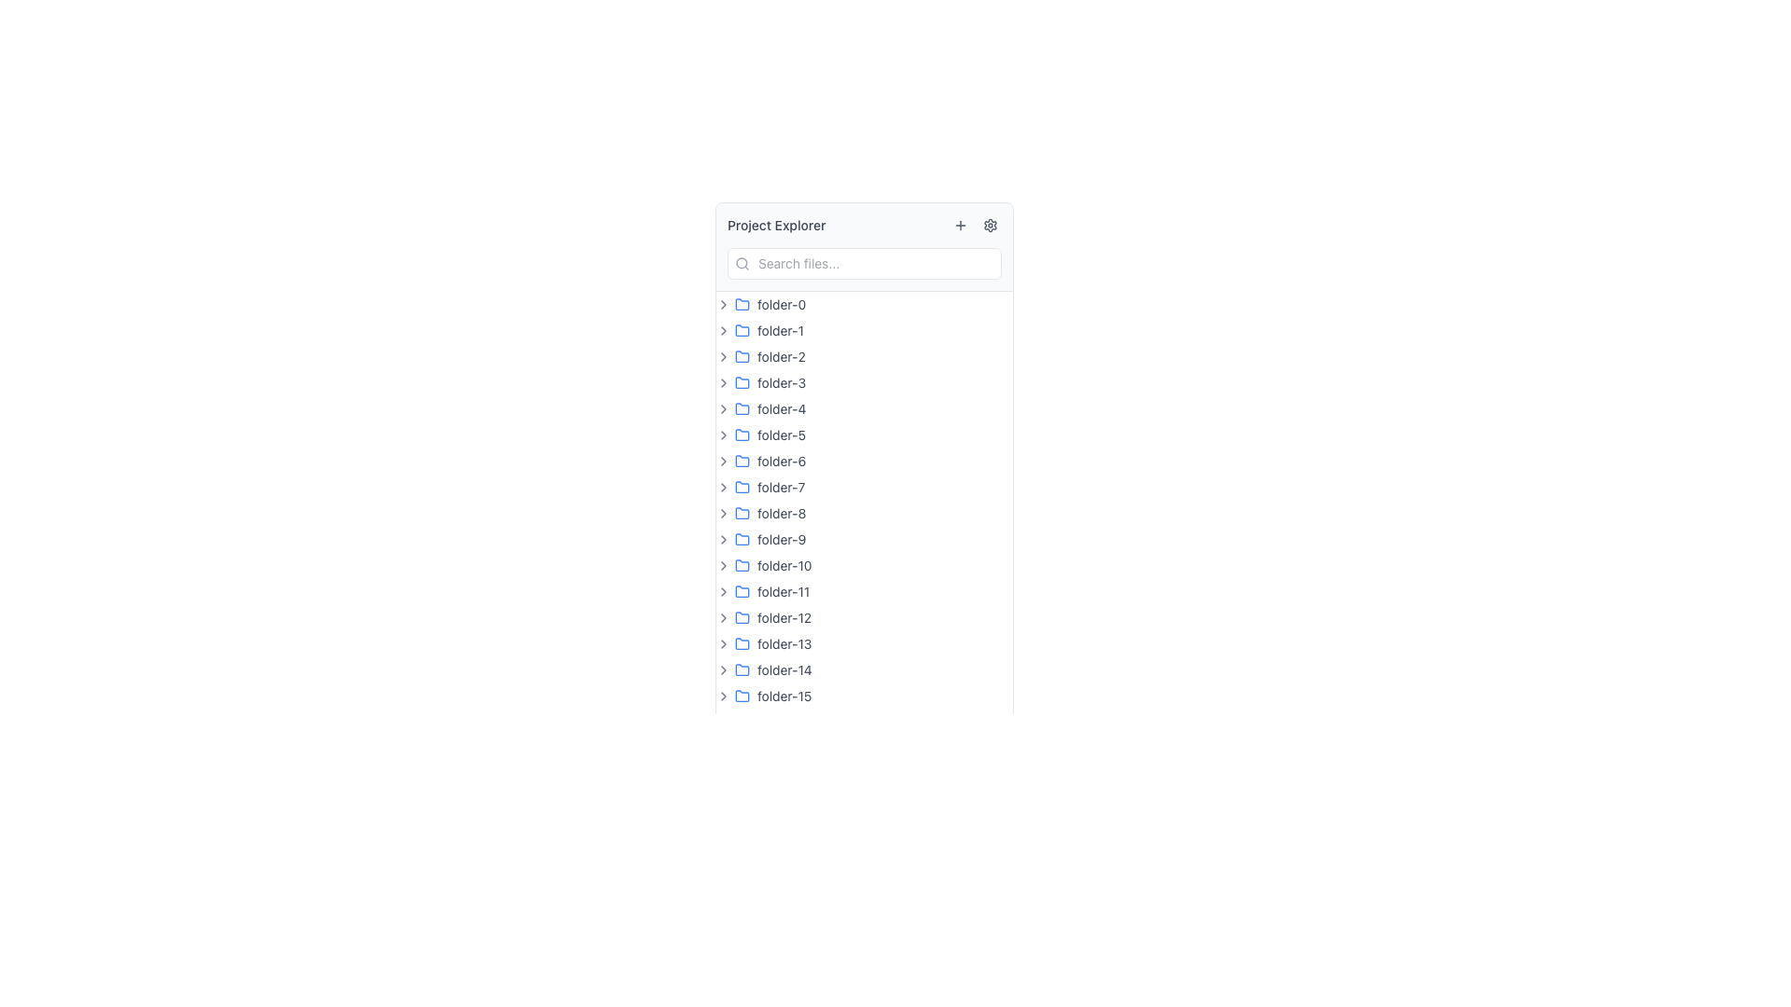 The height and width of the screenshot is (1007, 1791). Describe the element at coordinates (742, 695) in the screenshot. I see `the folder icon located on the left side of the text 'folder-15' in the file explorer's vertical layout` at that location.